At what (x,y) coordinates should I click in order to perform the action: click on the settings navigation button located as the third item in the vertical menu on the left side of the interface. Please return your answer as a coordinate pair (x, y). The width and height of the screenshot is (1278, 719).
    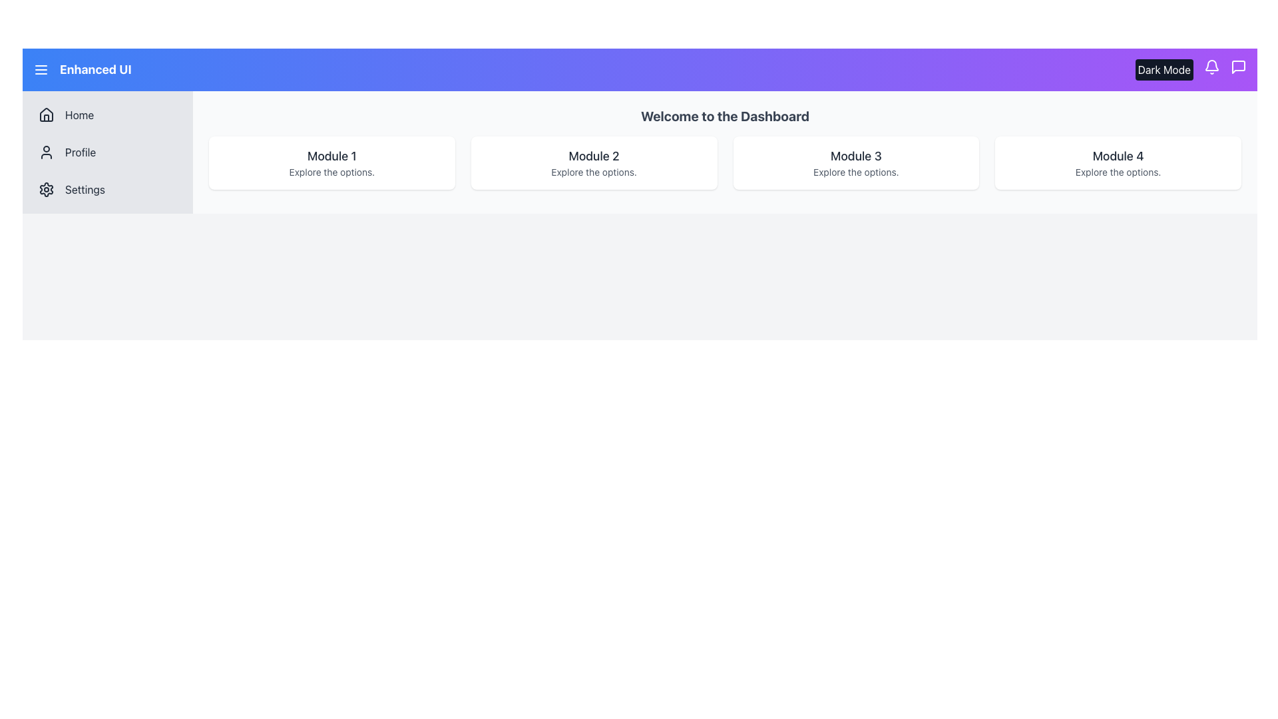
    Looking at the image, I should click on (108, 190).